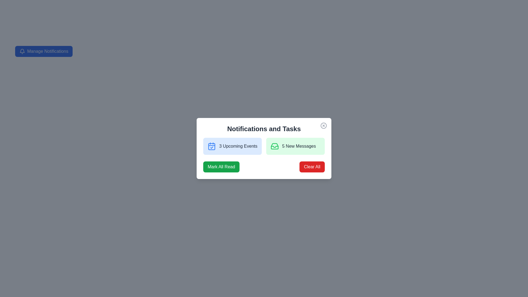  Describe the element at coordinates (295, 146) in the screenshot. I see `the '5 New Messages' notification item, which is a rounded box with a green background and an inbox icon on the left` at that location.